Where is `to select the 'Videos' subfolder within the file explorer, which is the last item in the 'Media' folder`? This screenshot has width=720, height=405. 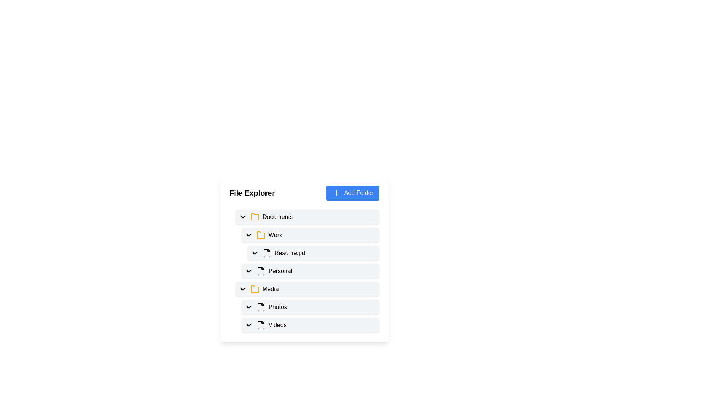
to select the 'Videos' subfolder within the file explorer, which is the last item in the 'Media' folder is located at coordinates (310, 325).